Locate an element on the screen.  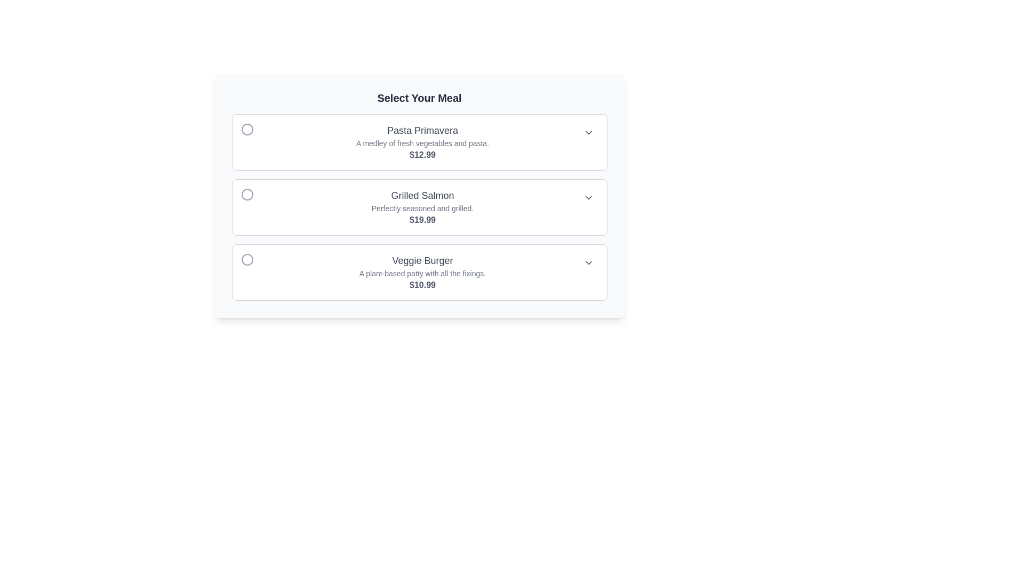
the chevron icon located next to the 'Grilled Salmon' dish is located at coordinates (588, 197).